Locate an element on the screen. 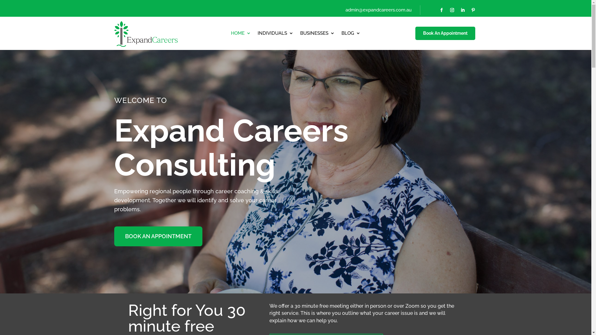 Image resolution: width=596 pixels, height=335 pixels. 'BLOG' is located at coordinates (351, 34).